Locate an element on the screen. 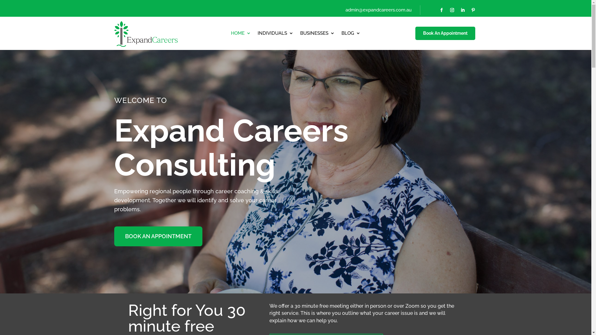 Image resolution: width=596 pixels, height=335 pixels. 'BLOG' is located at coordinates (351, 34).